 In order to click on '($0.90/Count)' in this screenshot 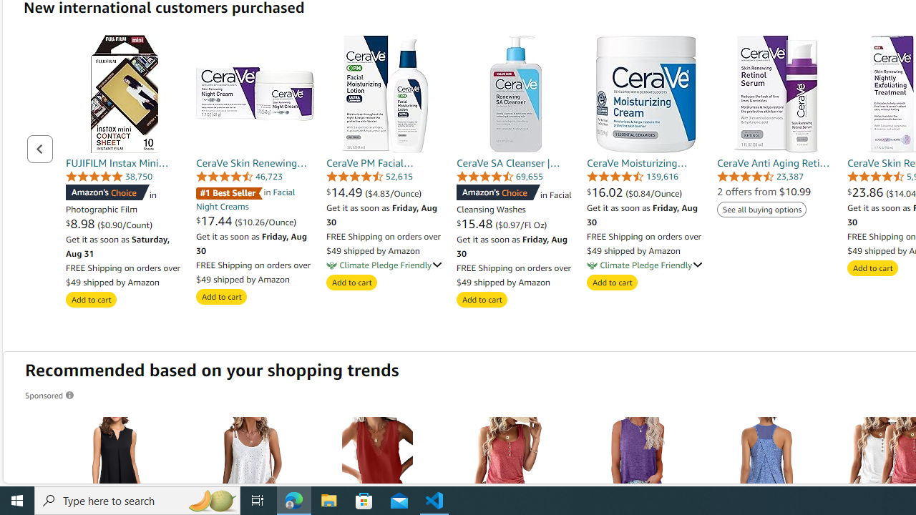, I will do `click(125, 225)`.